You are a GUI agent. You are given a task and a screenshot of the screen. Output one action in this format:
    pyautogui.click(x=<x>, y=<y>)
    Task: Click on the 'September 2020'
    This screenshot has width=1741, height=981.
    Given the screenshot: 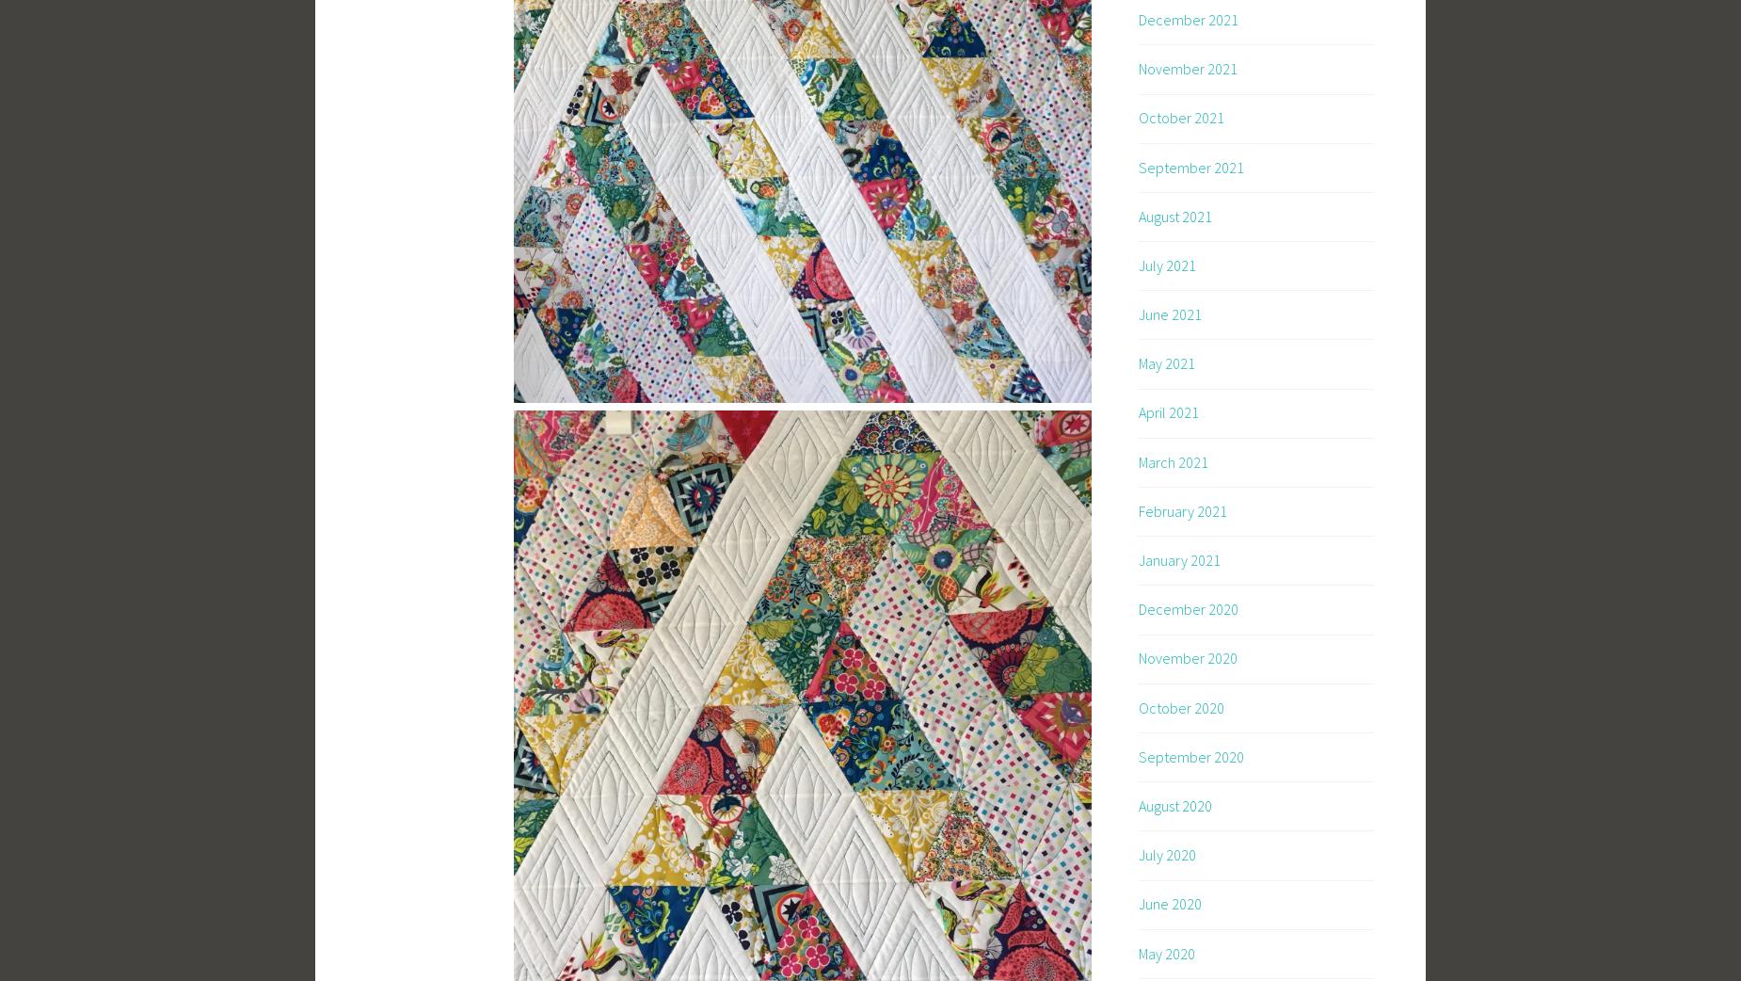 What is the action you would take?
    pyautogui.click(x=1190, y=755)
    